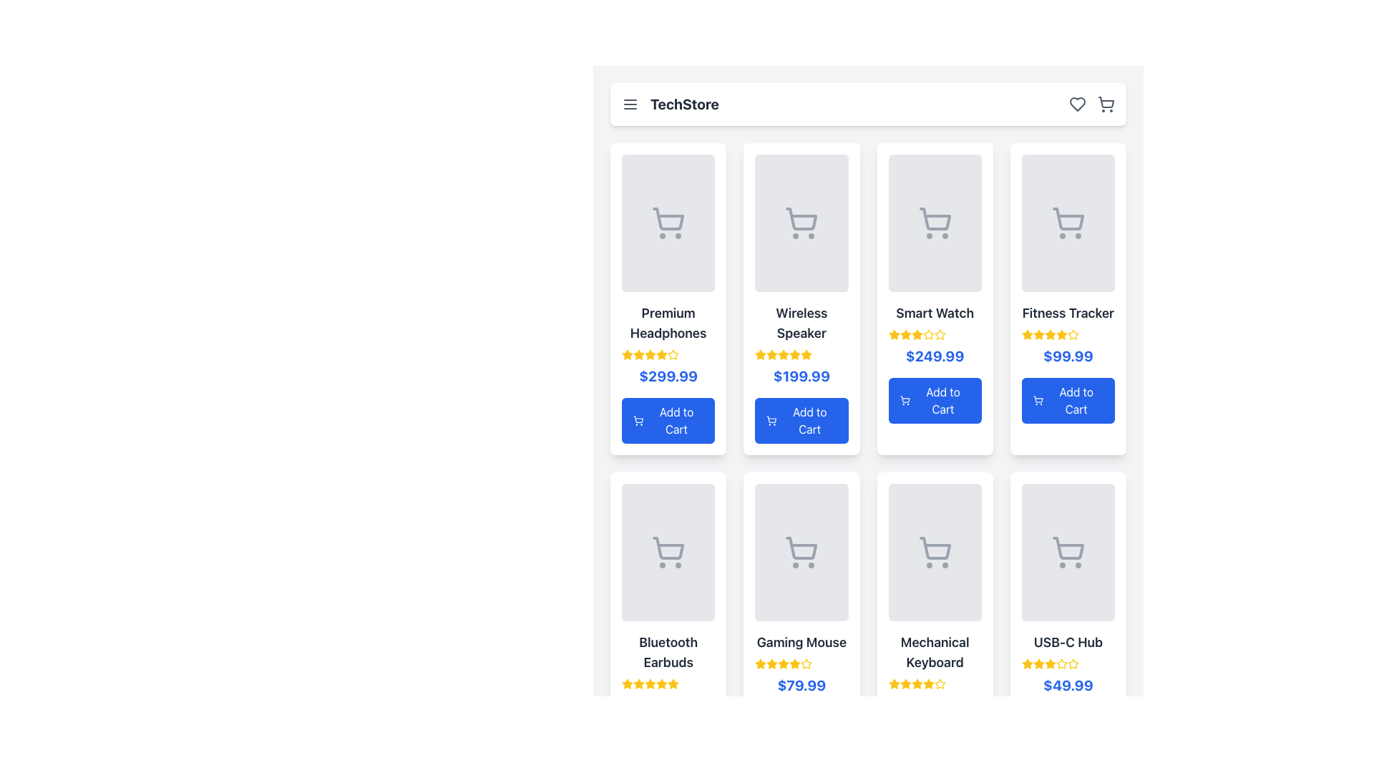 Image resolution: width=1374 pixels, height=773 pixels. I want to click on the star icon representing a single rating unit for the 'Gaming Mouse' to potentially alter the rating, so click(794, 663).